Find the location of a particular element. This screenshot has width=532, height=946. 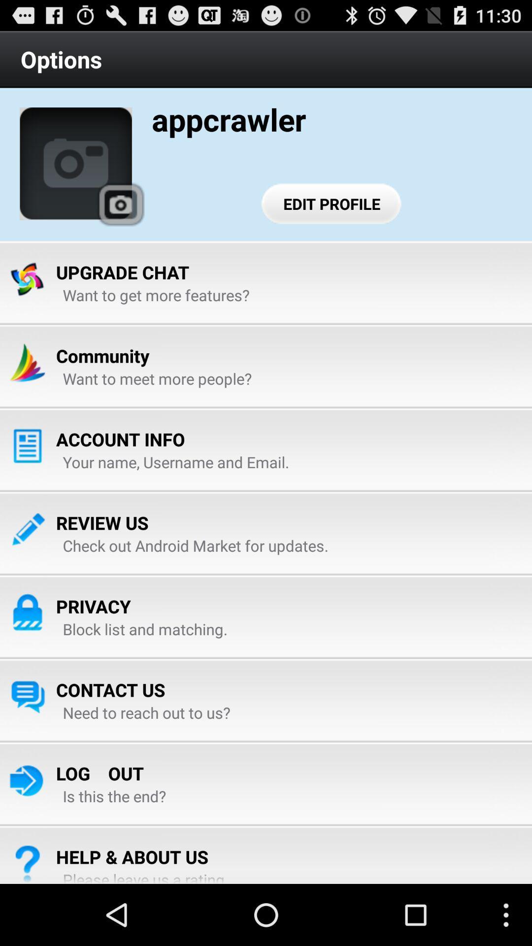

item at the center is located at coordinates (196, 545).